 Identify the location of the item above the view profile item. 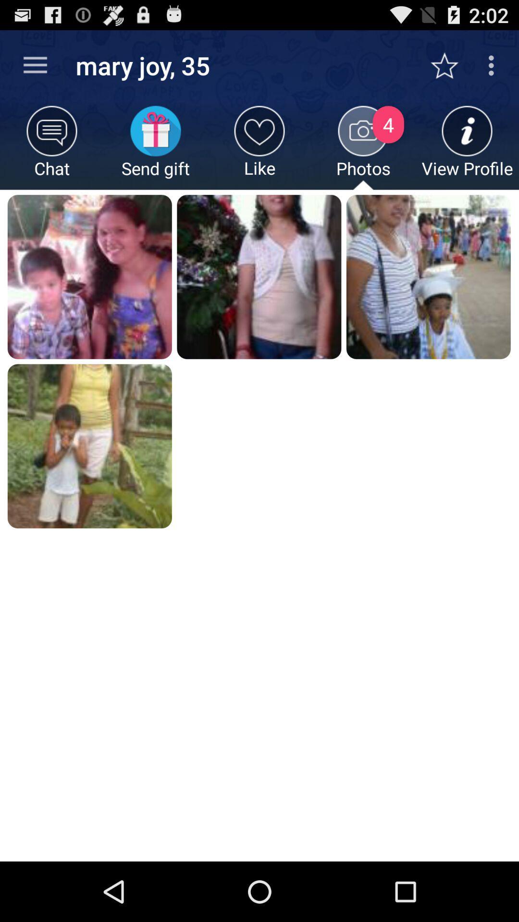
(449, 65).